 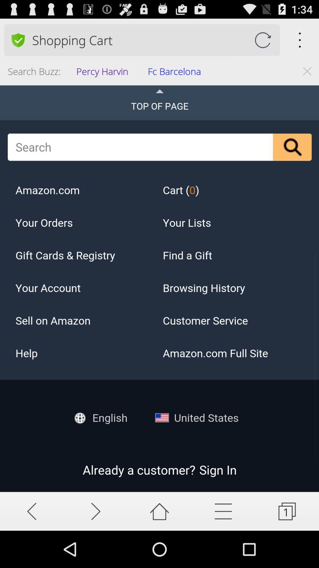 I want to click on the icon to the left of the fc barcelona item, so click(x=104, y=73).